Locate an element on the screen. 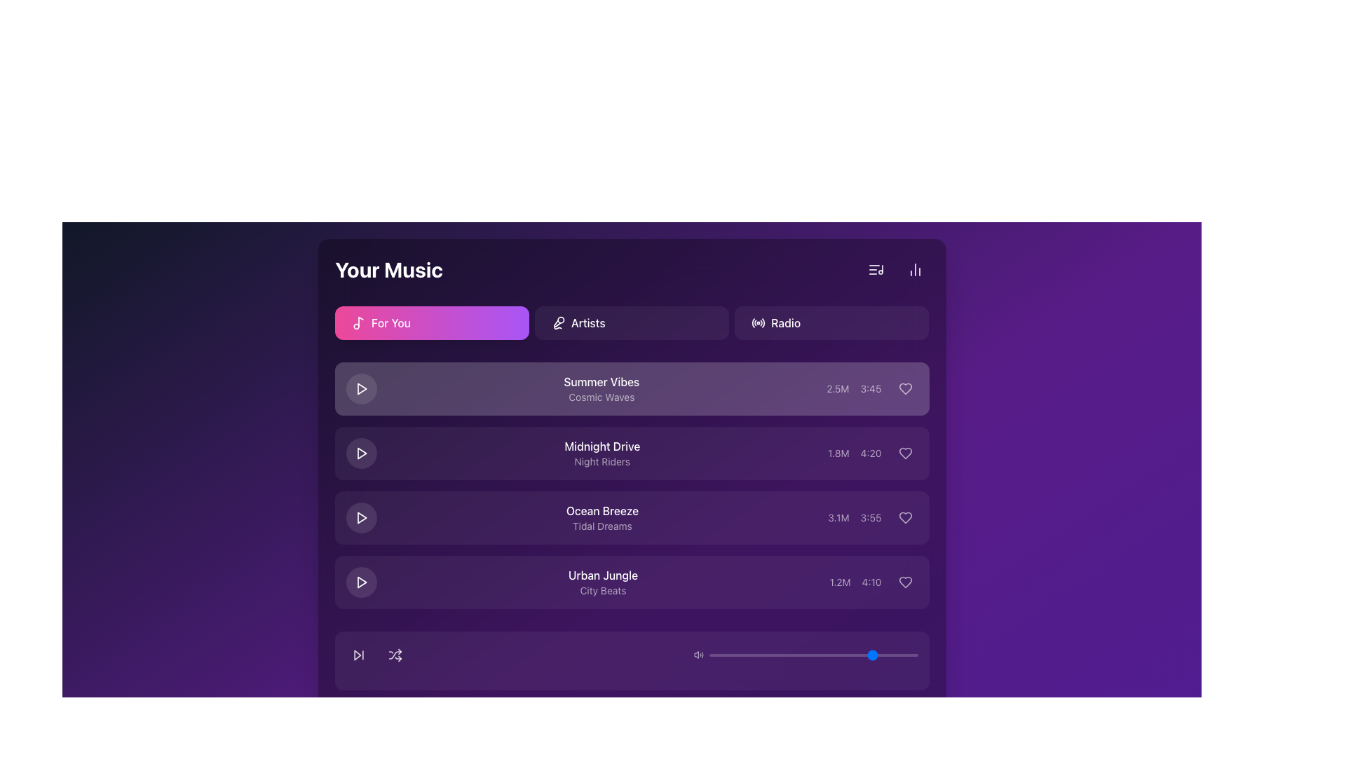 The width and height of the screenshot is (1346, 757). the right-facing triangular skip-forward icon located within a circular button in the lower section of the interface to receive a visual or auditory cue is located at coordinates (358, 655).